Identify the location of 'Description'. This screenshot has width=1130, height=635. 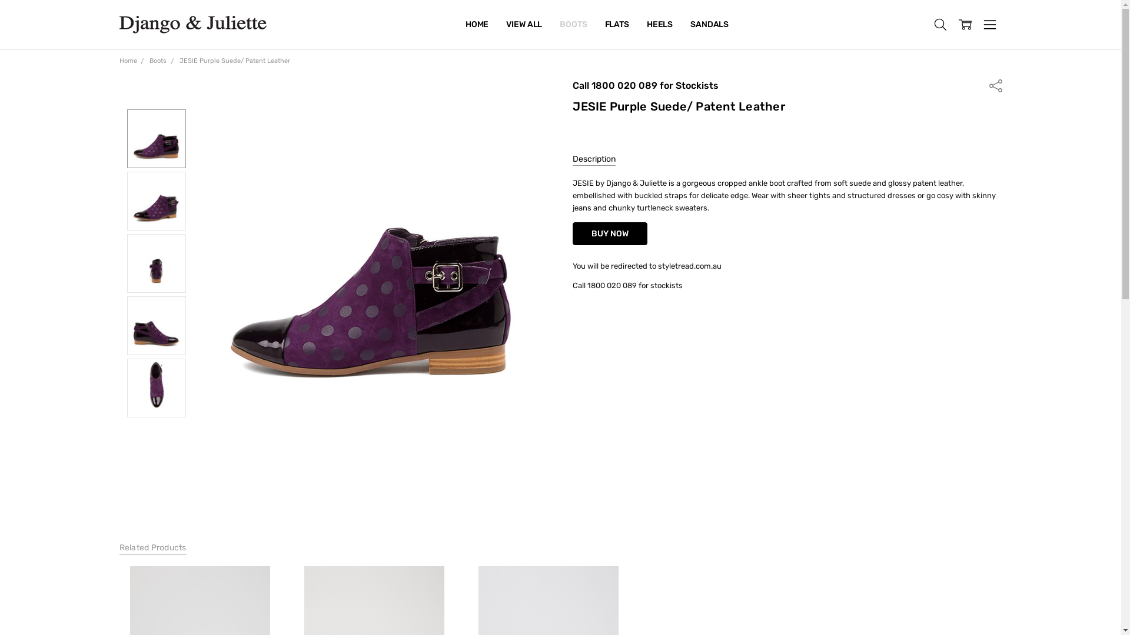
(573, 160).